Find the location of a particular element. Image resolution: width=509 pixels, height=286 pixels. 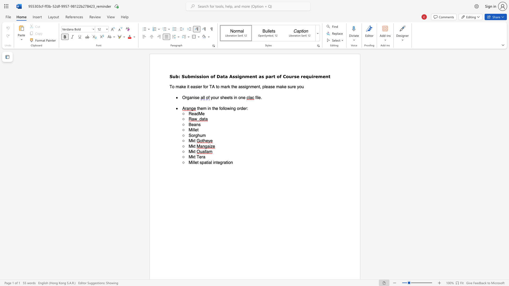

the 1th character "h" in the text is located at coordinates (233, 86).